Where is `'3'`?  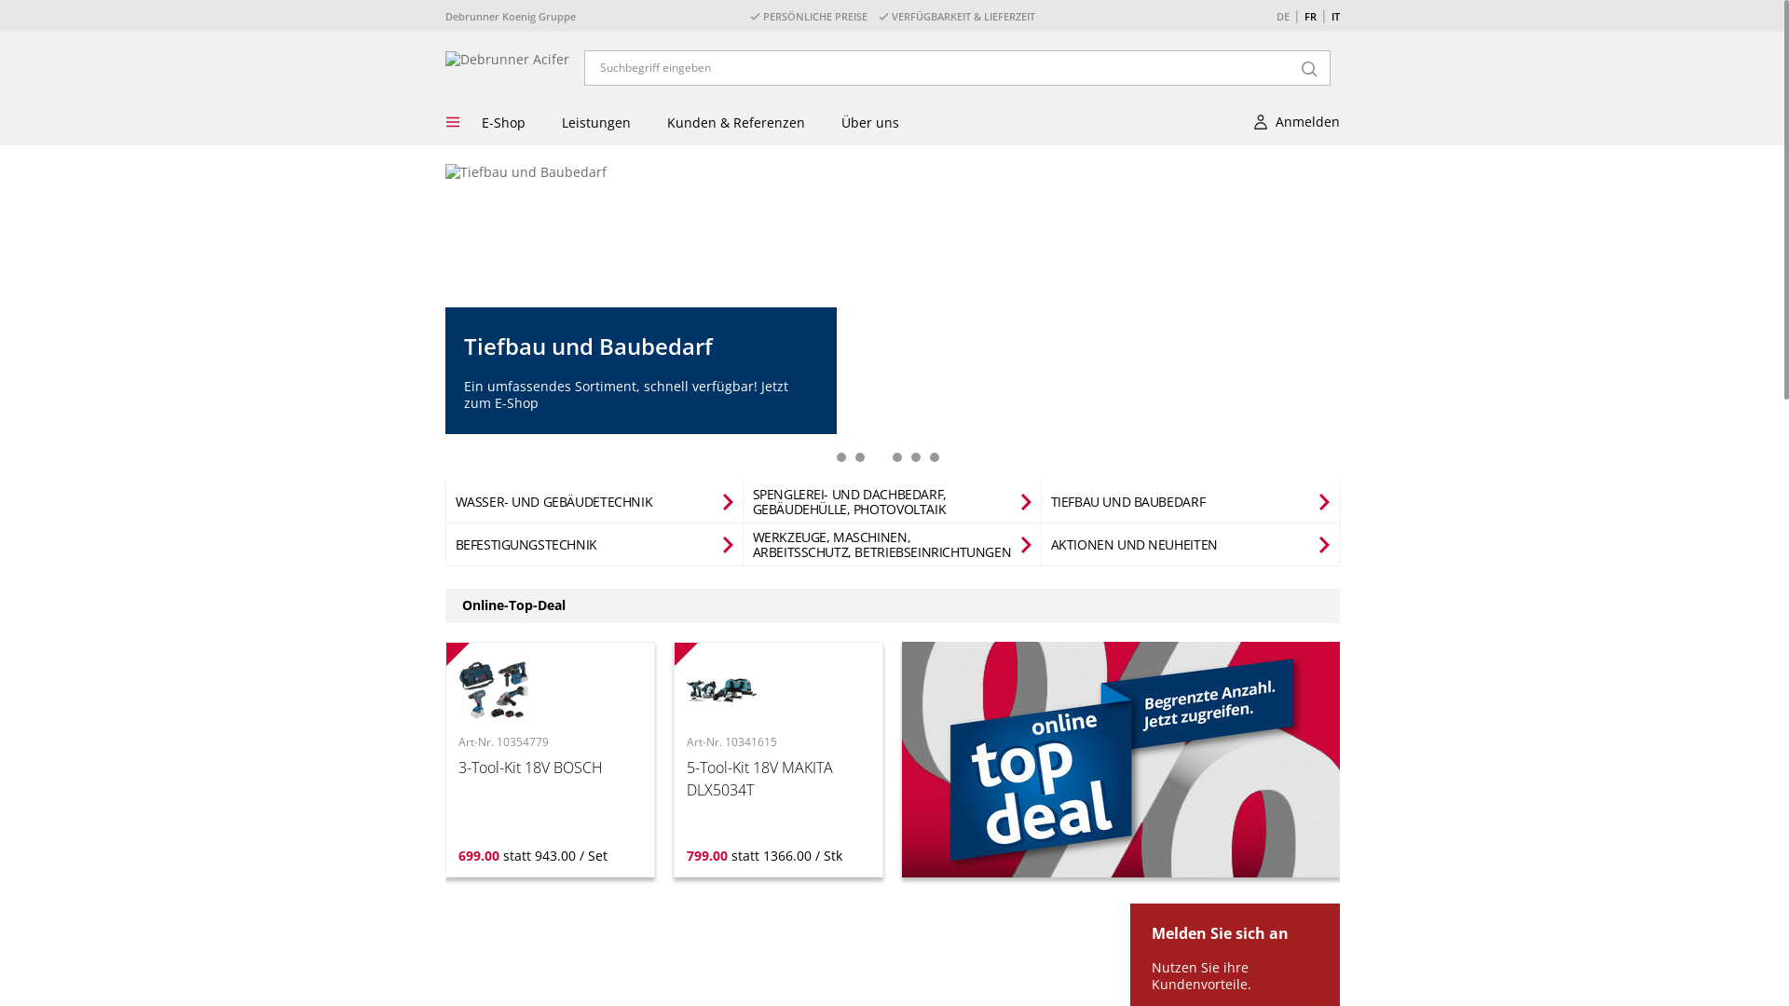
'3' is located at coordinates (877, 456).